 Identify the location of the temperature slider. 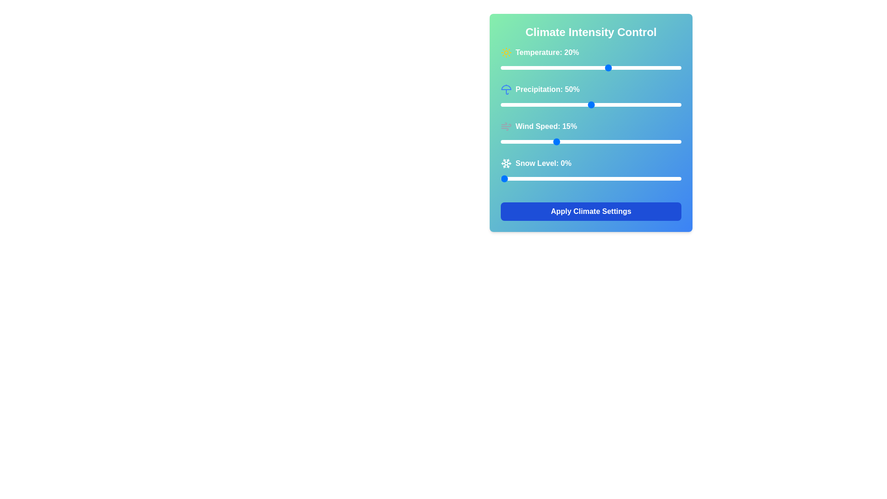
(590, 67).